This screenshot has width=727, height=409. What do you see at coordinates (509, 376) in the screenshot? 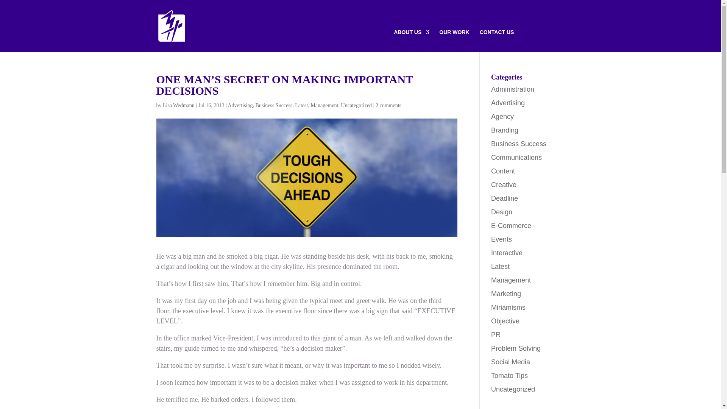
I see `'Tomato Tips'` at bounding box center [509, 376].